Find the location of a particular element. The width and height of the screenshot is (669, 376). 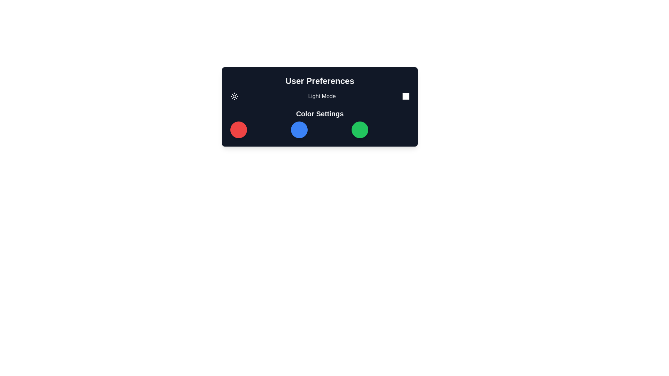

the first button in the color options of the 'User Preferences' panel is located at coordinates (239, 130).